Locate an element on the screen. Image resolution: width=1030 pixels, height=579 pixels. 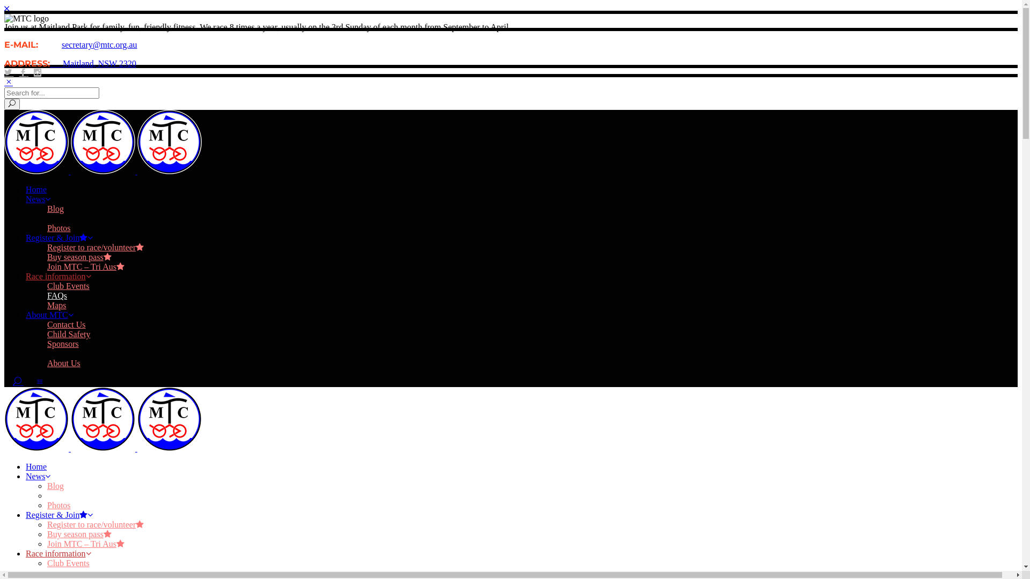
'Race information' is located at coordinates (58, 276).